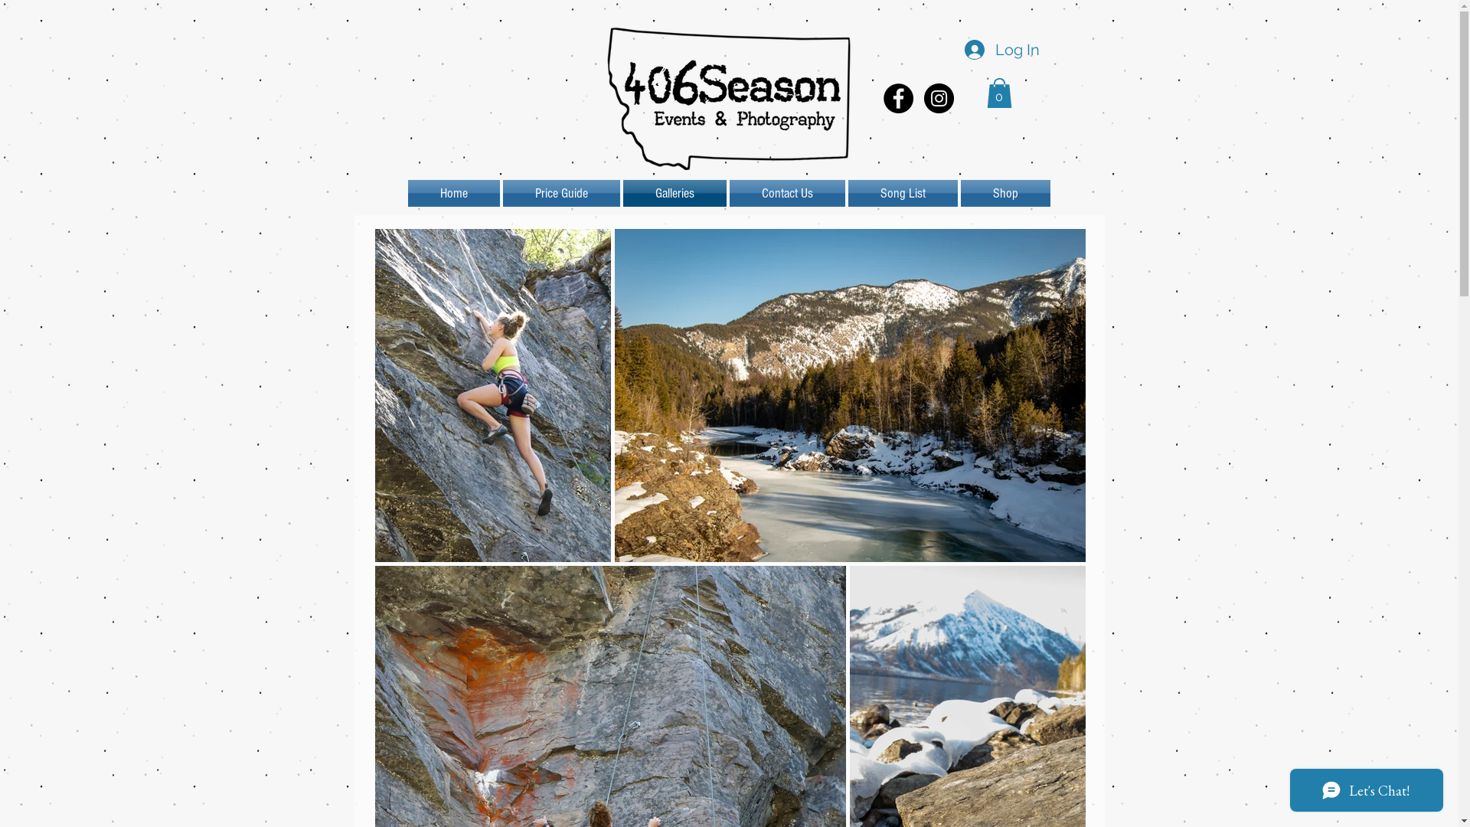 This screenshot has height=827, width=1470. What do you see at coordinates (500, 192) in the screenshot?
I see `'Price Guide'` at bounding box center [500, 192].